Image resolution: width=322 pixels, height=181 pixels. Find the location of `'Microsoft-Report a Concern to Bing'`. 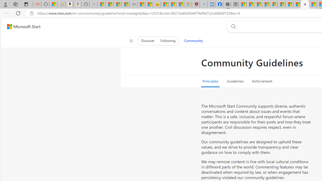

'Microsoft-Report a Concern to Bing' is located at coordinates (53, 4).